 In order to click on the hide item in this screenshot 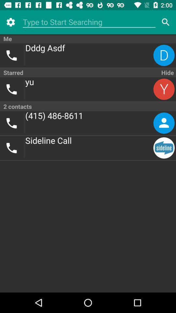, I will do `click(167, 72)`.